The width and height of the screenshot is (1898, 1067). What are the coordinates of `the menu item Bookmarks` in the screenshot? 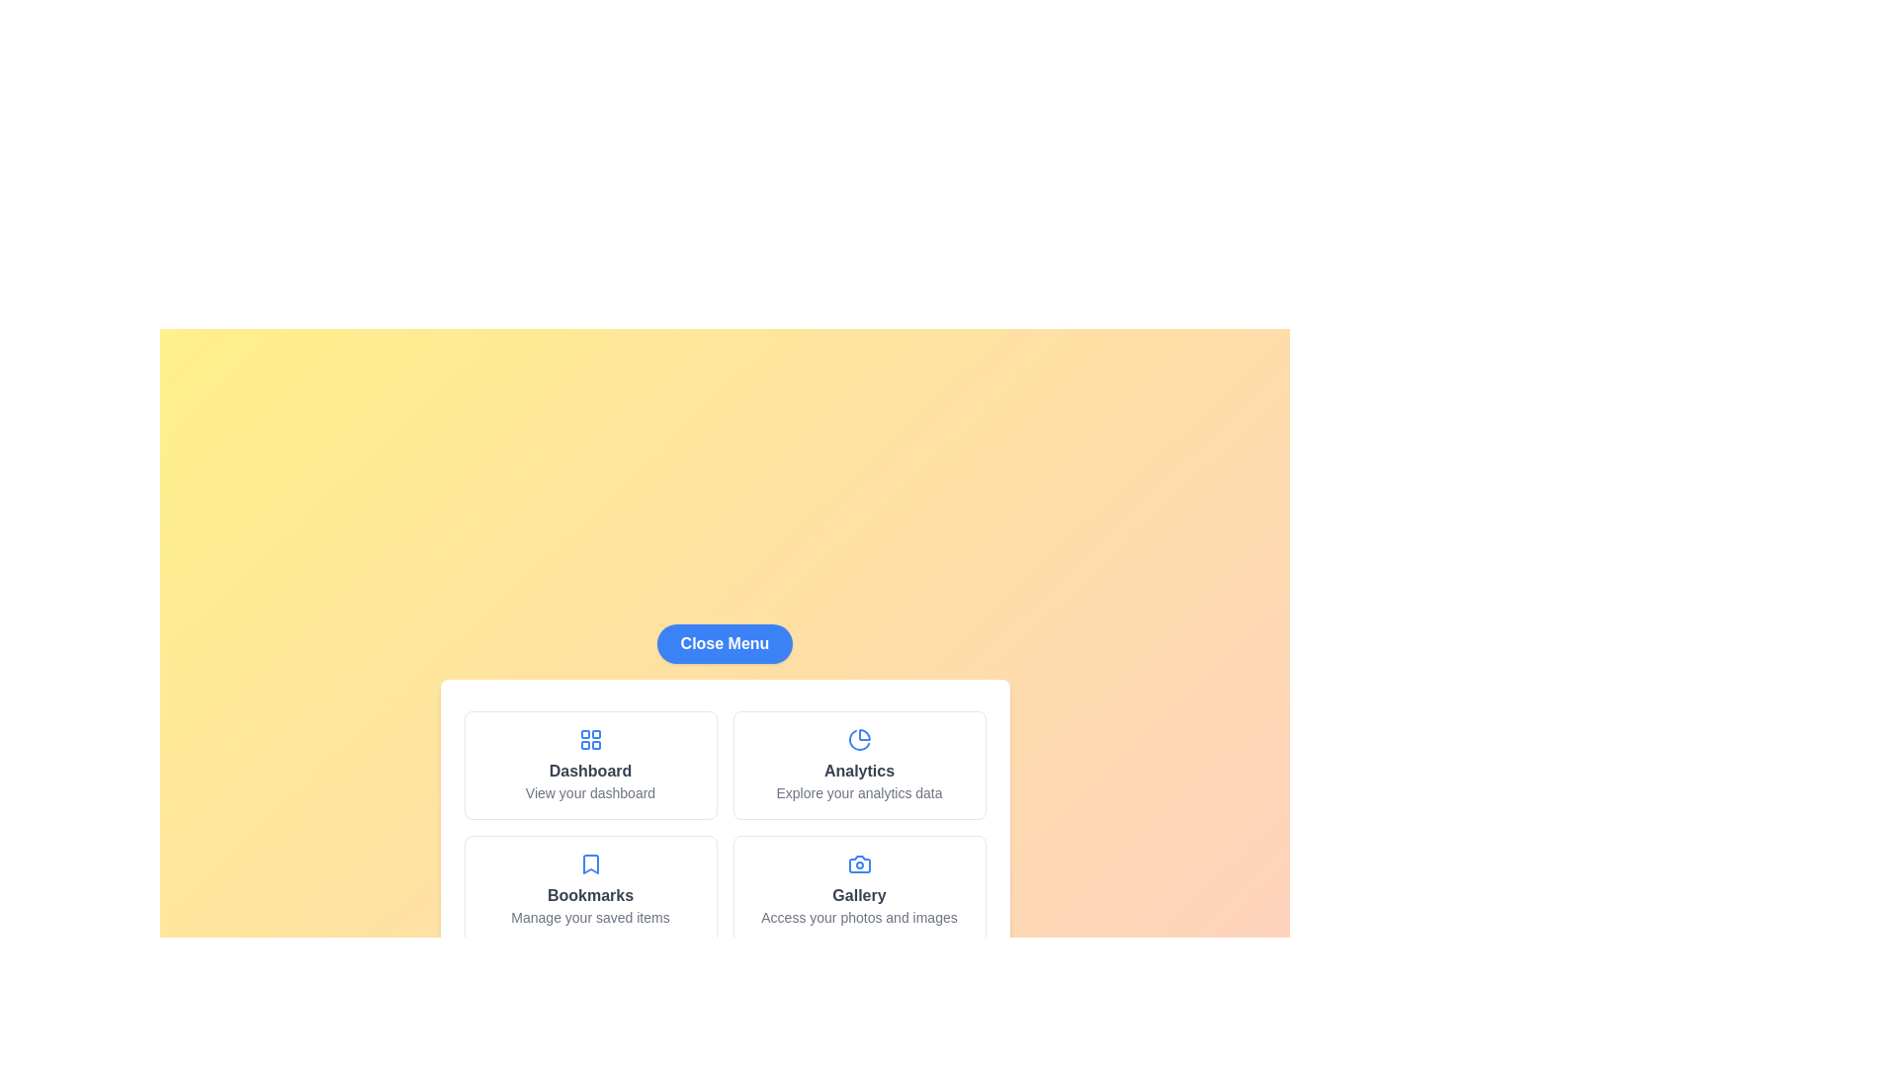 It's located at (589, 890).